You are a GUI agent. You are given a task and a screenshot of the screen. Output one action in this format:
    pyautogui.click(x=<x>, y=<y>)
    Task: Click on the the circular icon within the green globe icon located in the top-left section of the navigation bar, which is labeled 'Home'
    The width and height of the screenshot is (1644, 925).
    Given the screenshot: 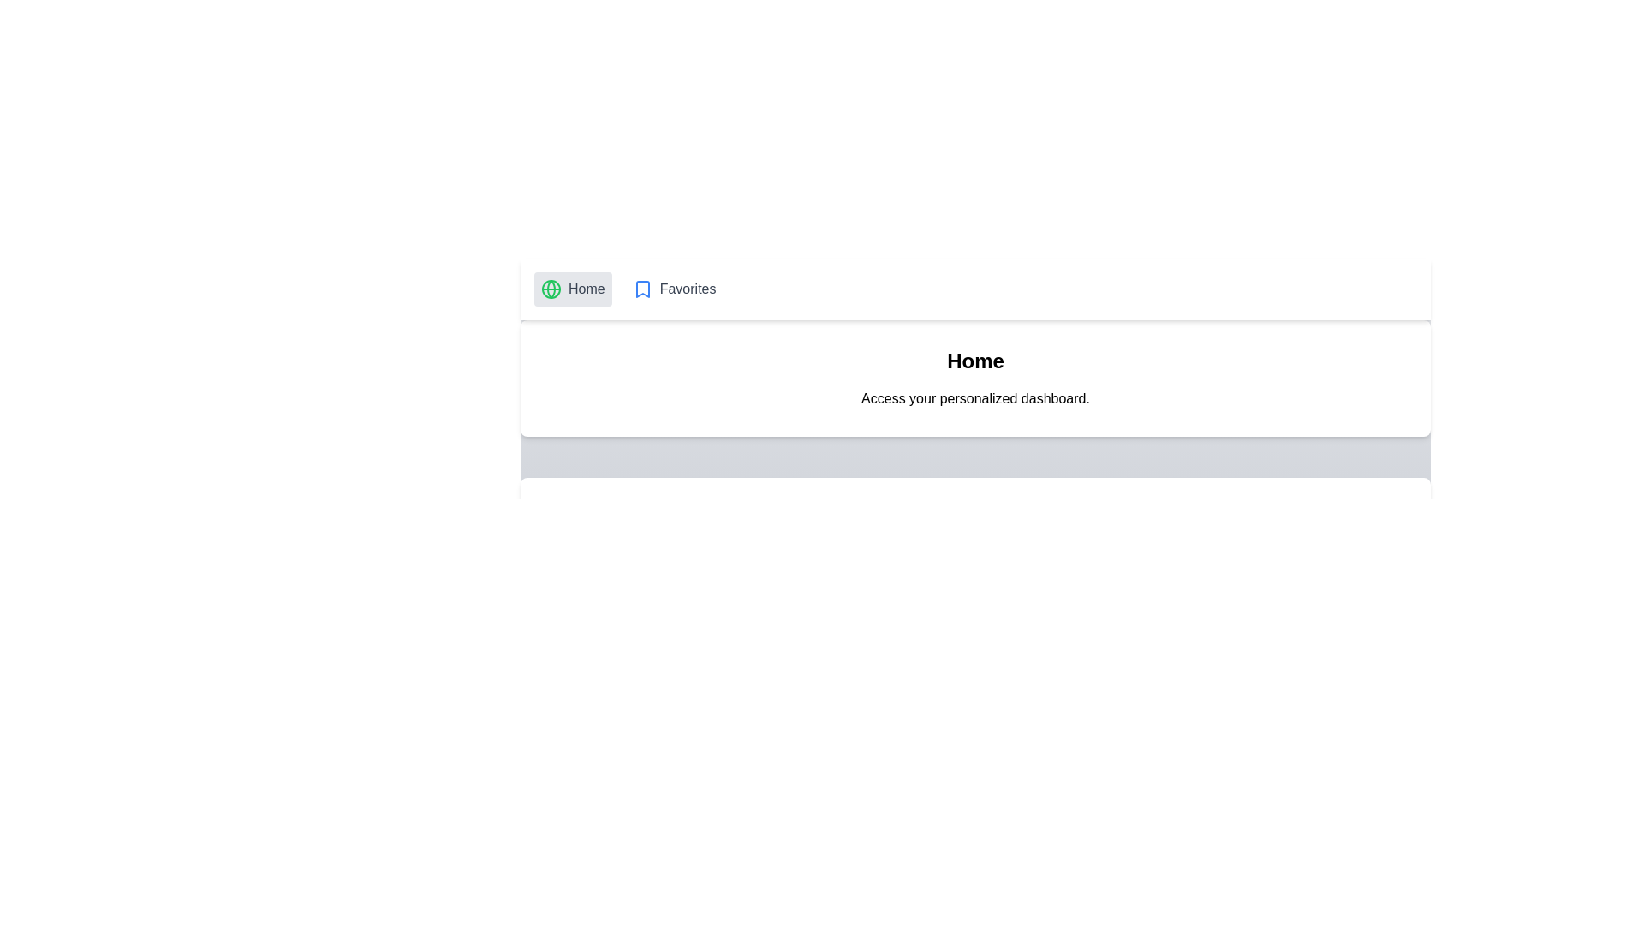 What is the action you would take?
    pyautogui.click(x=551, y=289)
    